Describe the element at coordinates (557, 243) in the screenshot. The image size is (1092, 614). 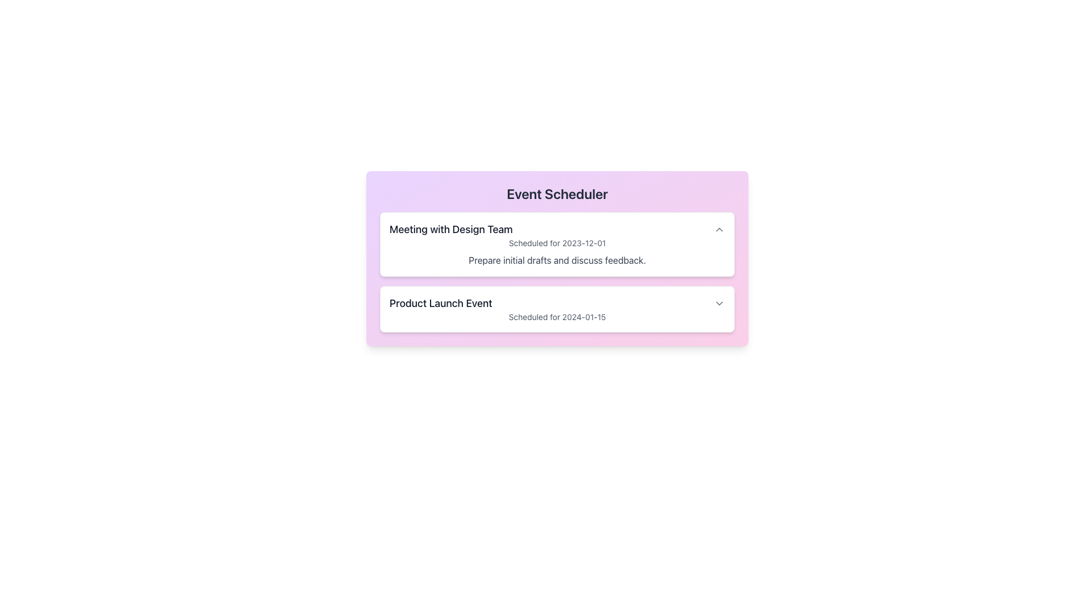
I see `the card titled 'Meeting with Design Team' located in the 'Event Scheduler' panel for reading` at that location.